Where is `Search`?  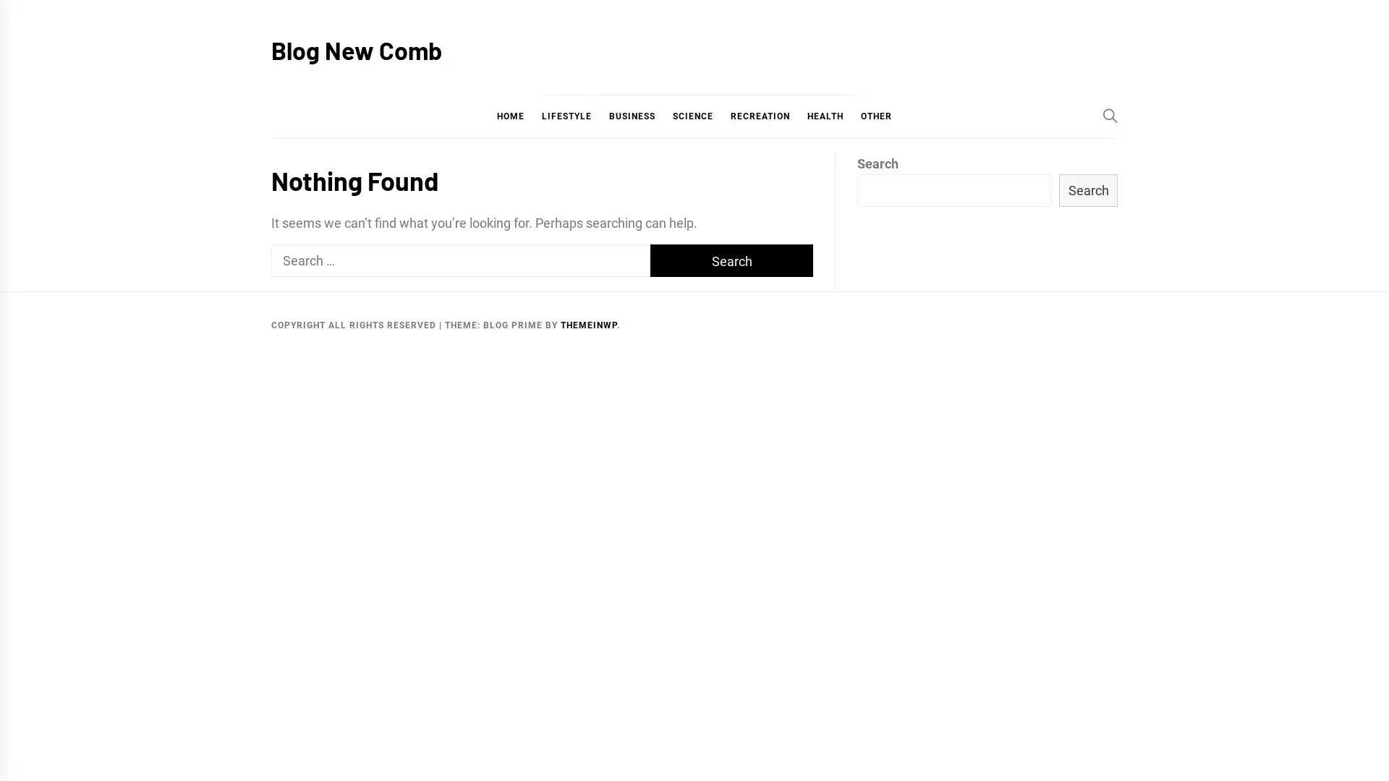
Search is located at coordinates (731, 260).